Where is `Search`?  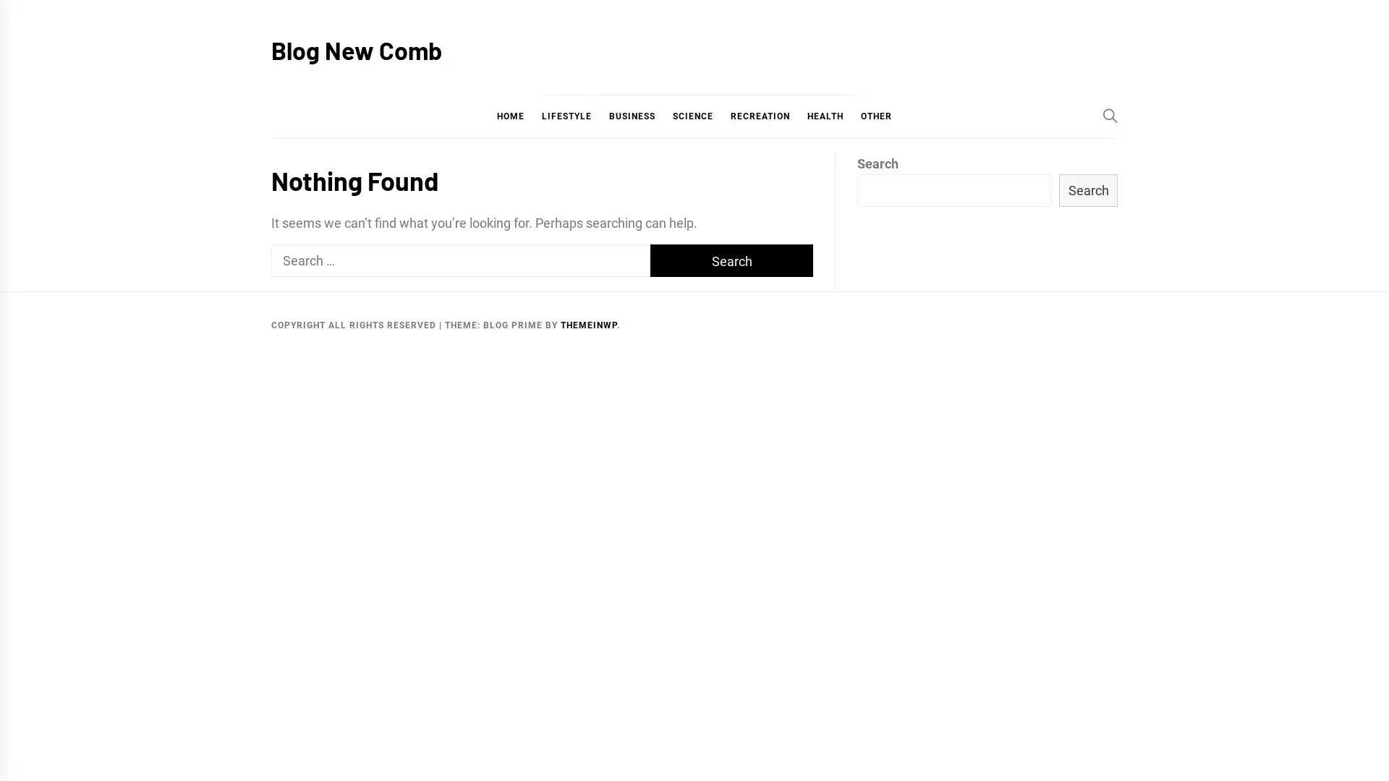
Search is located at coordinates (731, 260).